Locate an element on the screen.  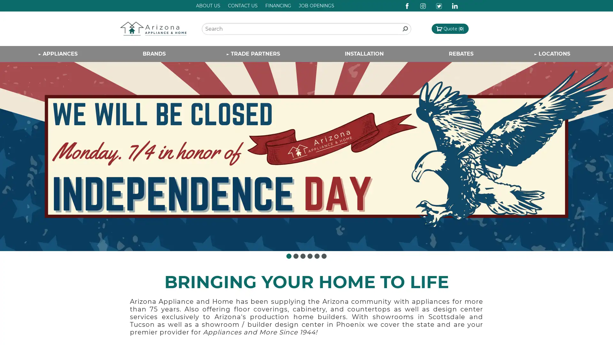
Close is located at coordinates (399, 114).